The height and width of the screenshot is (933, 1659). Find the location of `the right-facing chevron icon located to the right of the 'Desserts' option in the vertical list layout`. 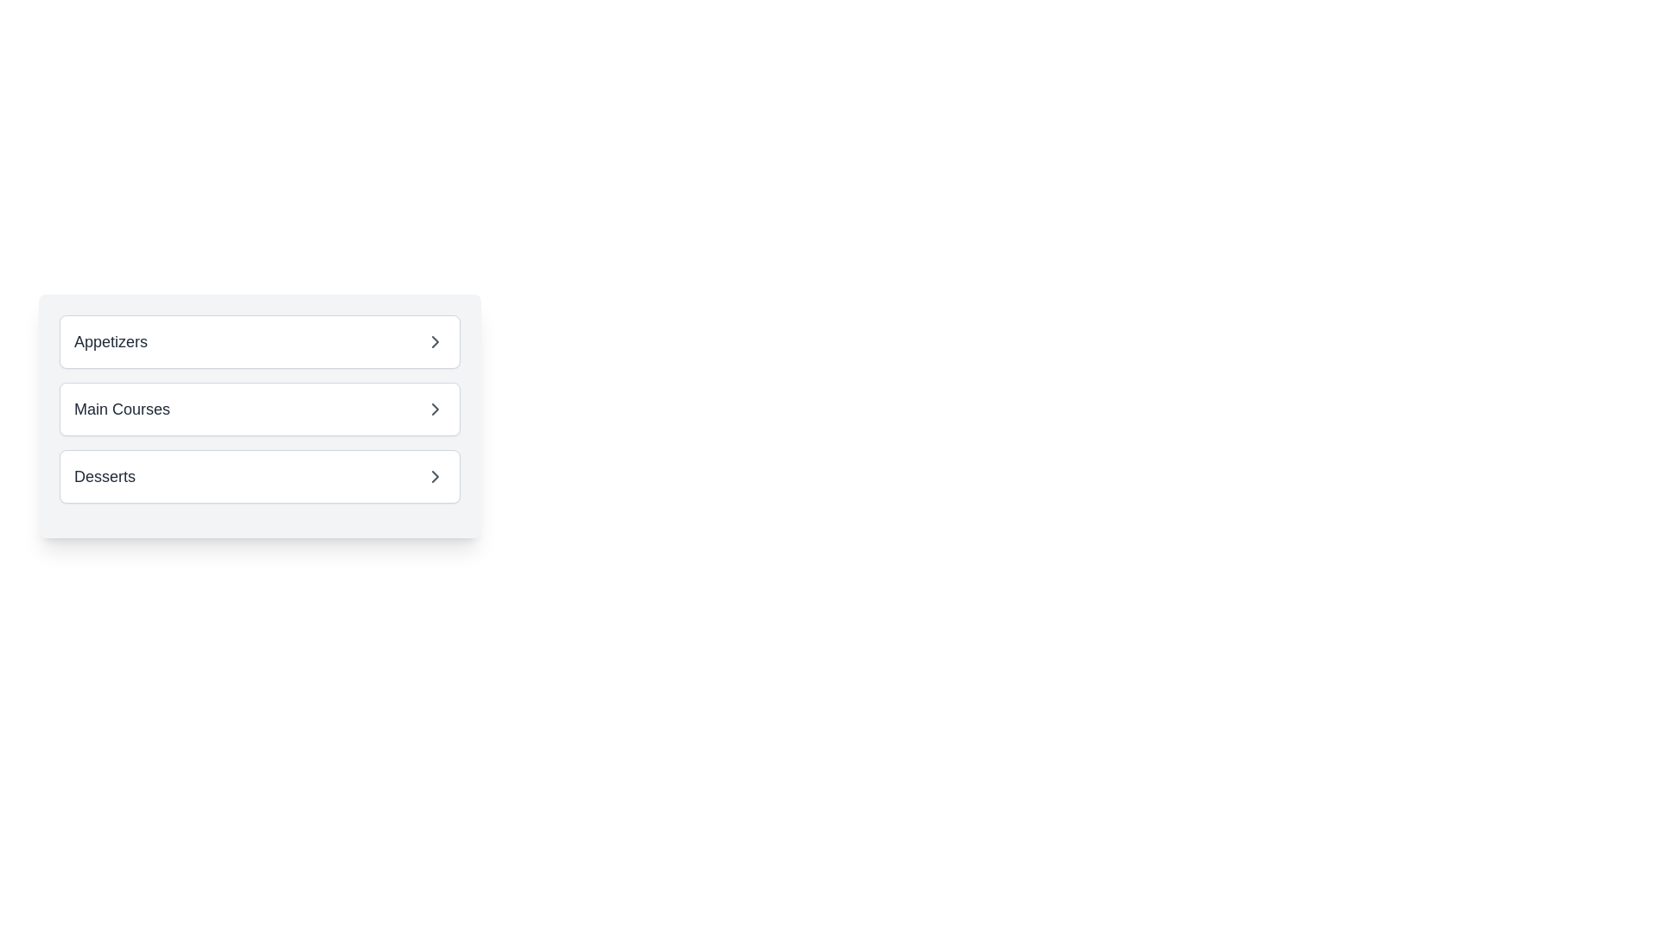

the right-facing chevron icon located to the right of the 'Desserts' option in the vertical list layout is located at coordinates (435, 476).